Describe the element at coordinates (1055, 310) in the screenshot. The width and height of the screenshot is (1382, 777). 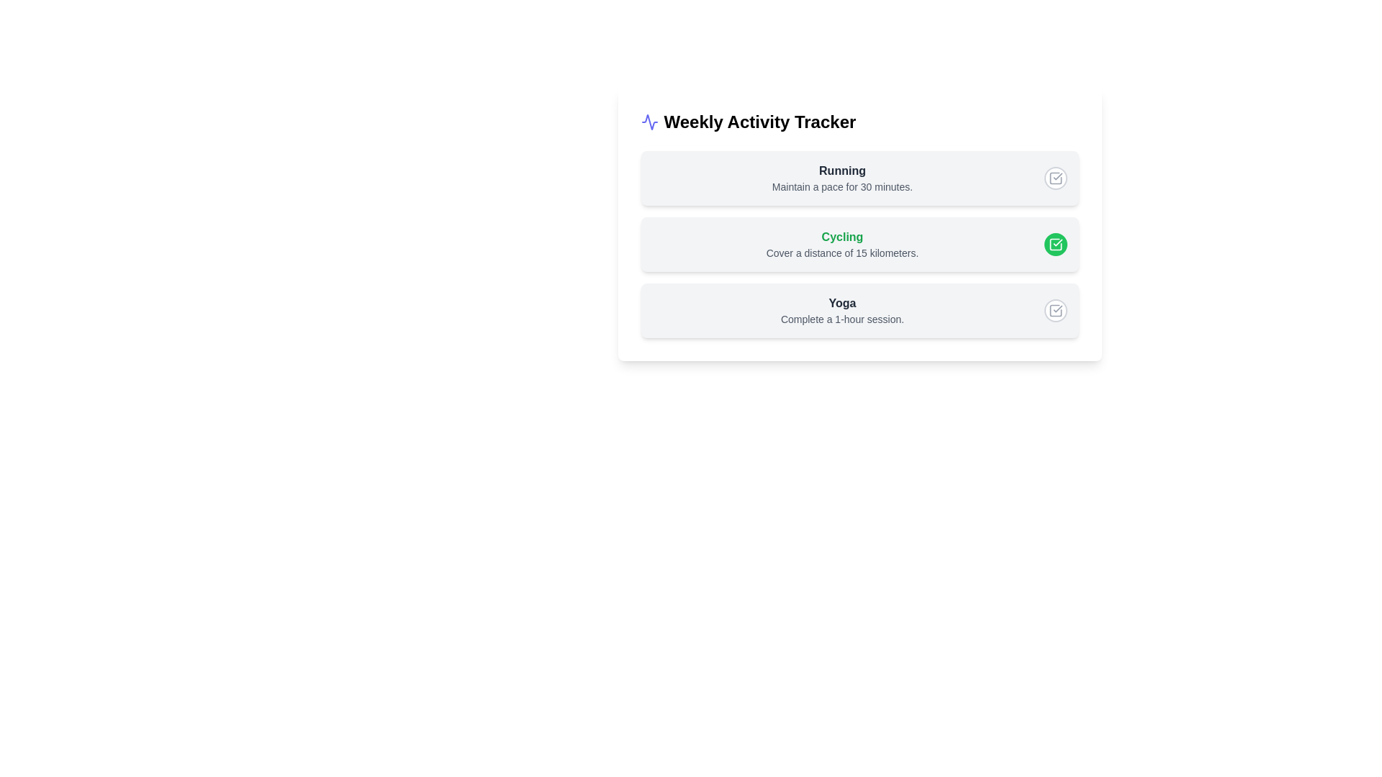
I see `the circular button with an icon in the third button position of the rightmost side of the third row labeled 'Yoga' to mark the task as completed` at that location.